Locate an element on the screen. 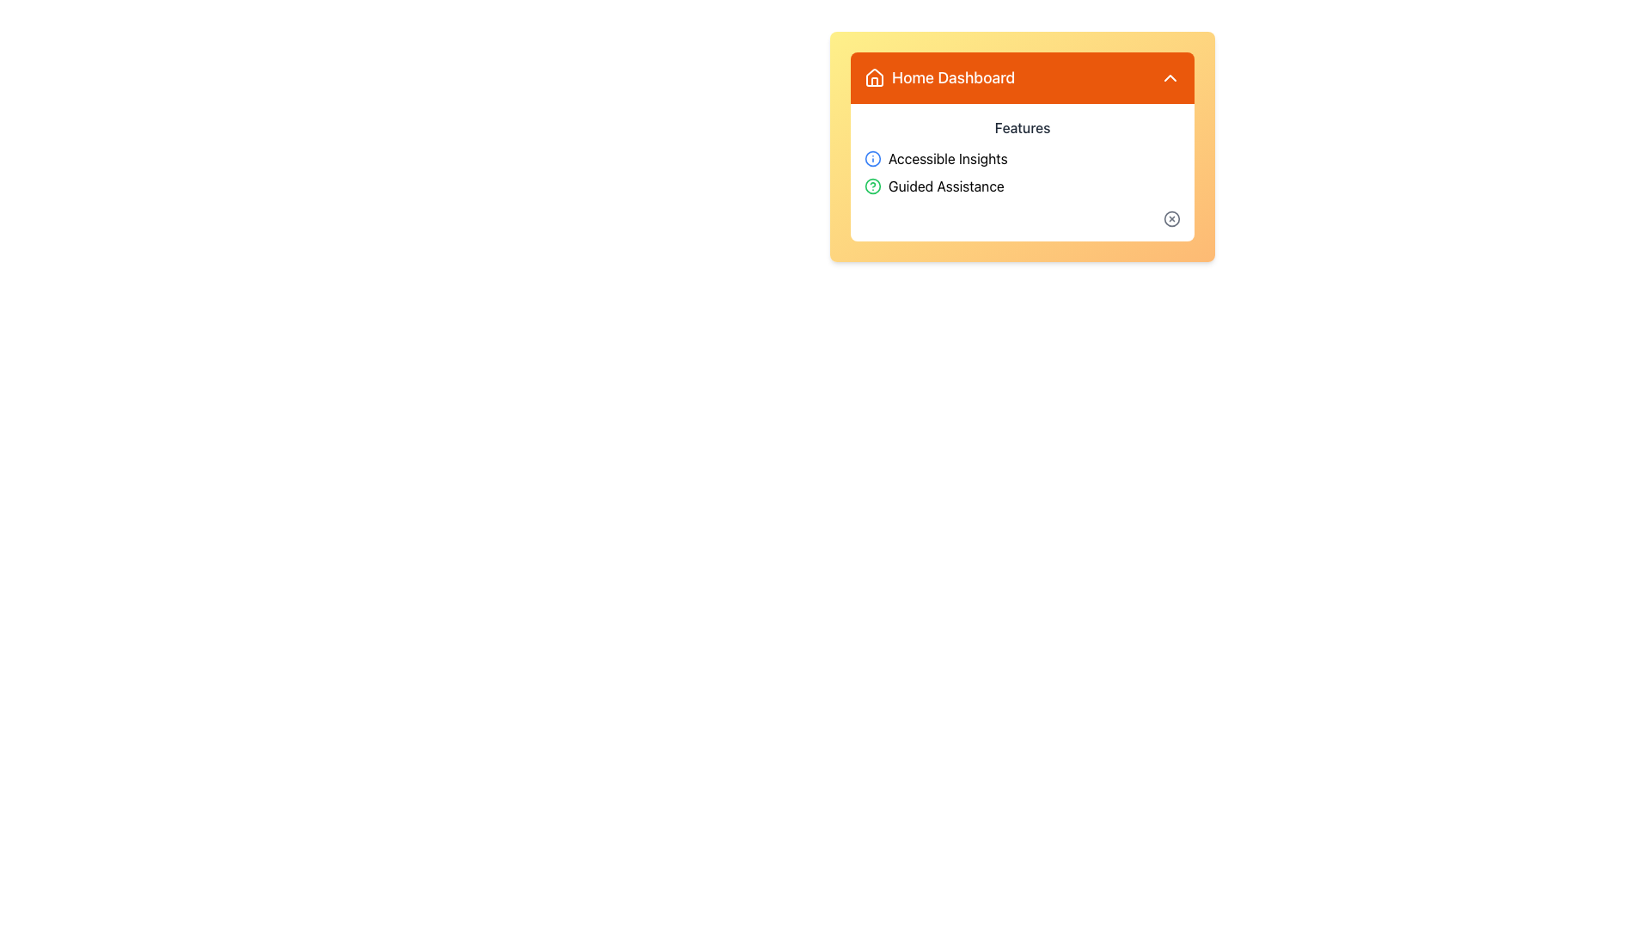  text content of the 'Home Dashboard' label, which is displayed in bold on an orange background bar at the top of the card-like UI component is located at coordinates (952, 78).